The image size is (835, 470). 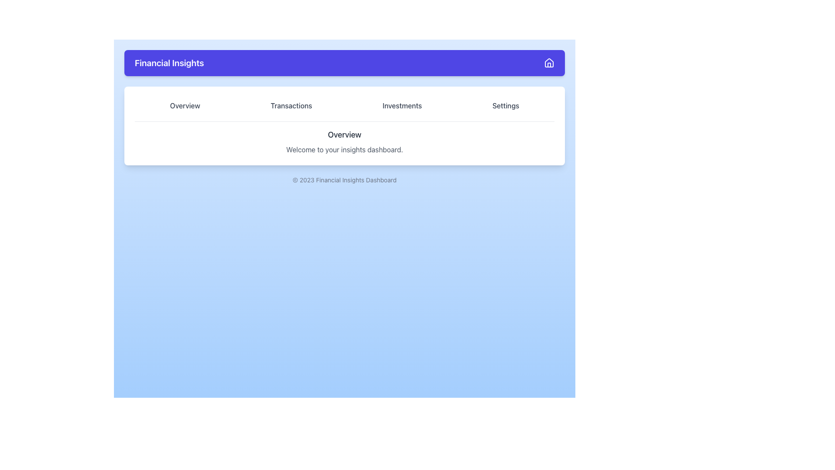 What do you see at coordinates (344, 63) in the screenshot?
I see `information from the Header bar that contains branding` at bounding box center [344, 63].